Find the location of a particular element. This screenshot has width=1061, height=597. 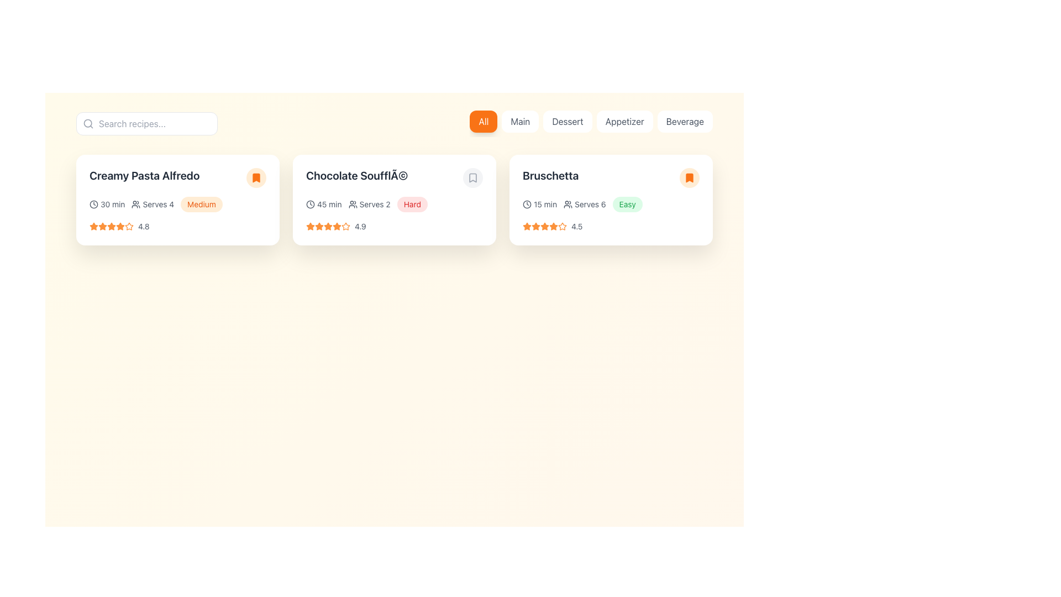

the rating information displayed as orange-colored star icons followed by the text '4.5' located at the bottom part of the 'Bruschetta' recipe card is located at coordinates (610, 226).